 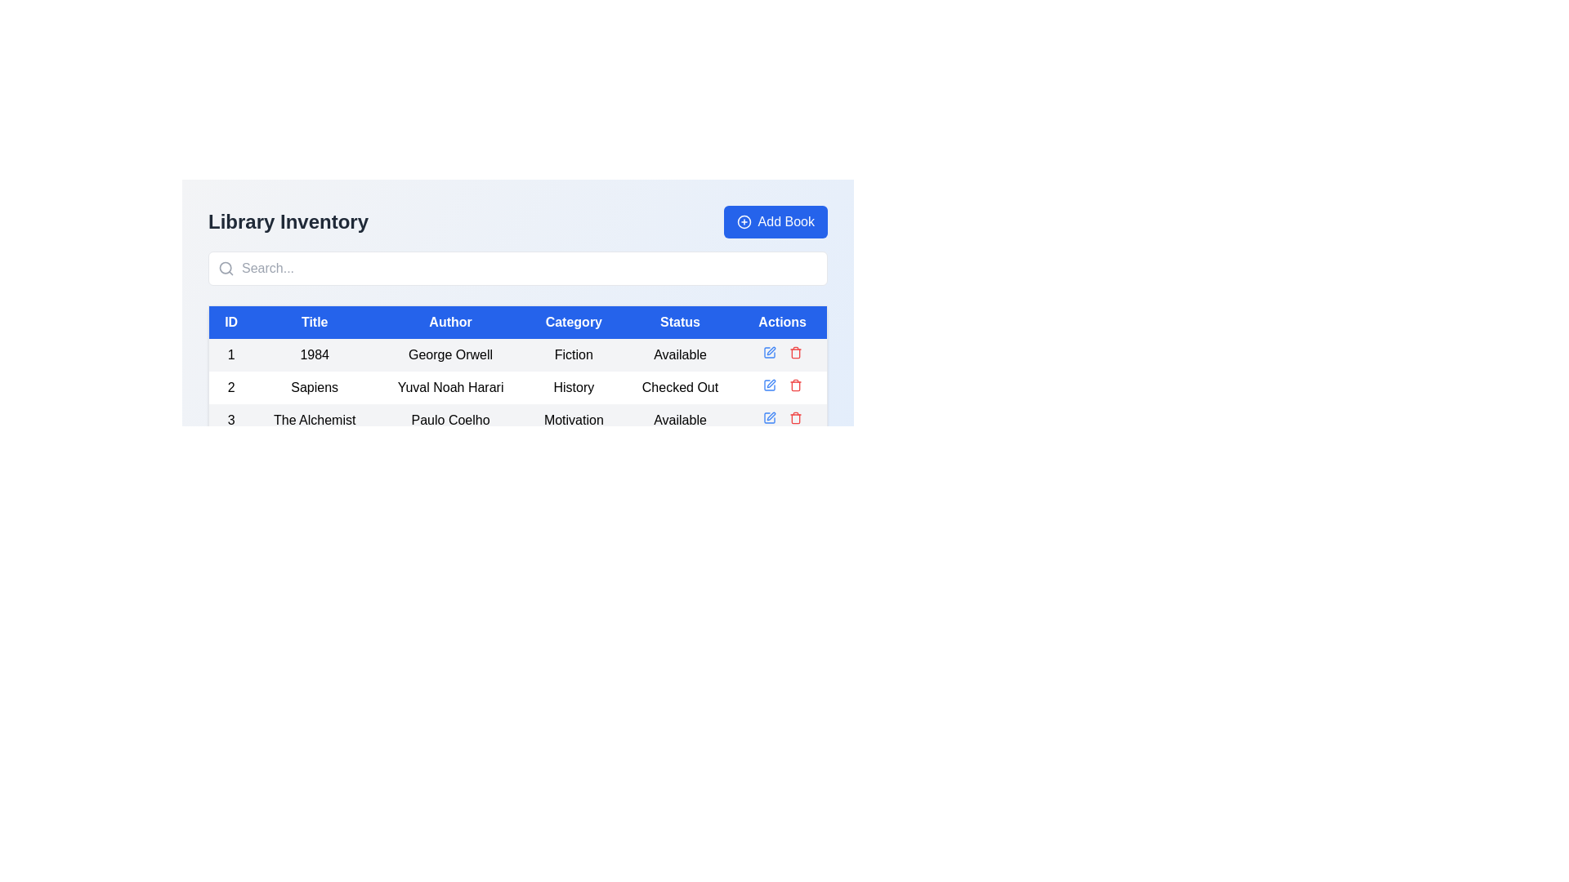 I want to click on the red trash bin icon in the 'Actions' column of the second row to initiate the delete action, so click(x=795, y=385).